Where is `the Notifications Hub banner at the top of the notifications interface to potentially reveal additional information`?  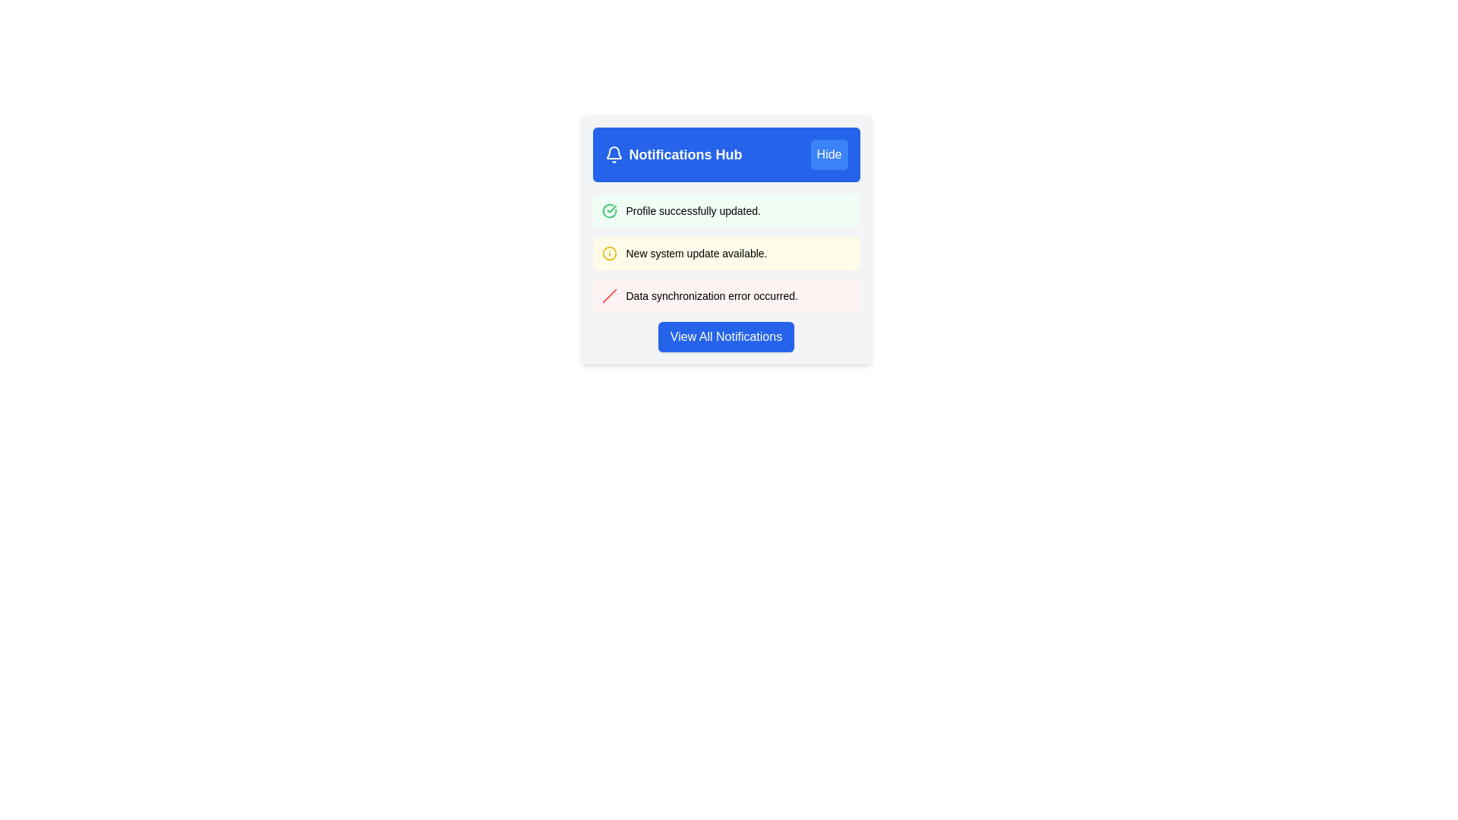 the Notifications Hub banner at the top of the notifications interface to potentially reveal additional information is located at coordinates (725, 155).